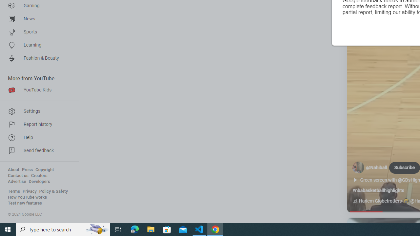 The image size is (420, 236). I want to click on 'Creators', so click(39, 175).